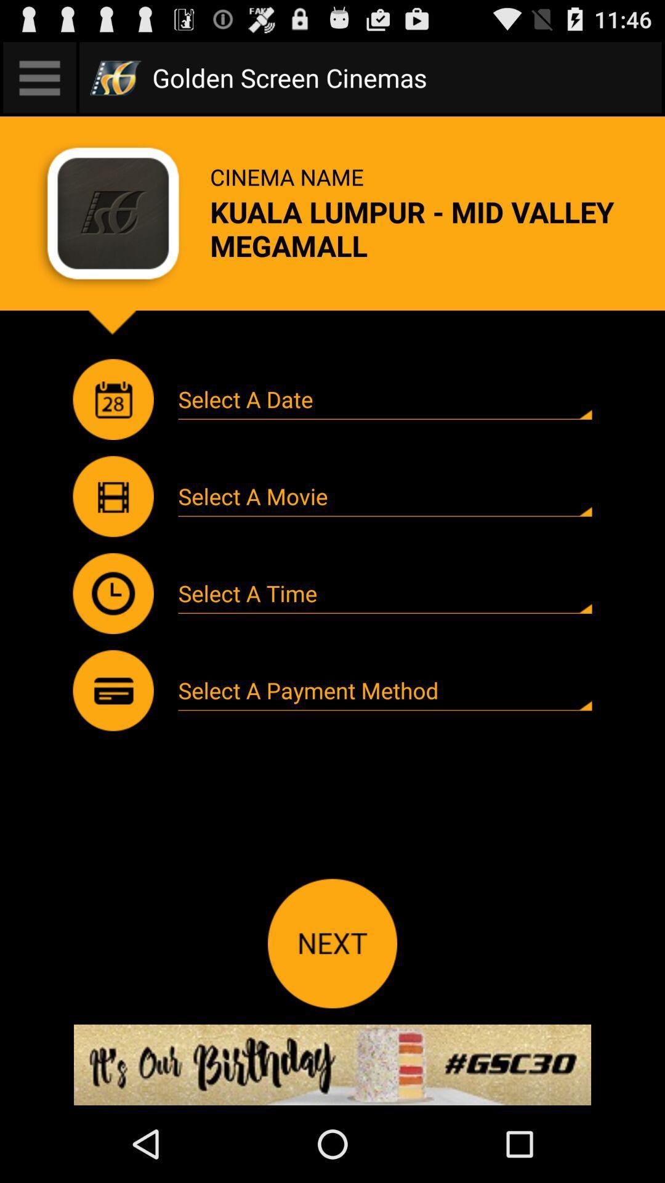  I want to click on the time icon, so click(113, 635).